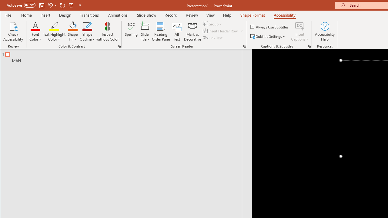  Describe the element at coordinates (161, 31) in the screenshot. I see `'Reading Order Pane'` at that location.